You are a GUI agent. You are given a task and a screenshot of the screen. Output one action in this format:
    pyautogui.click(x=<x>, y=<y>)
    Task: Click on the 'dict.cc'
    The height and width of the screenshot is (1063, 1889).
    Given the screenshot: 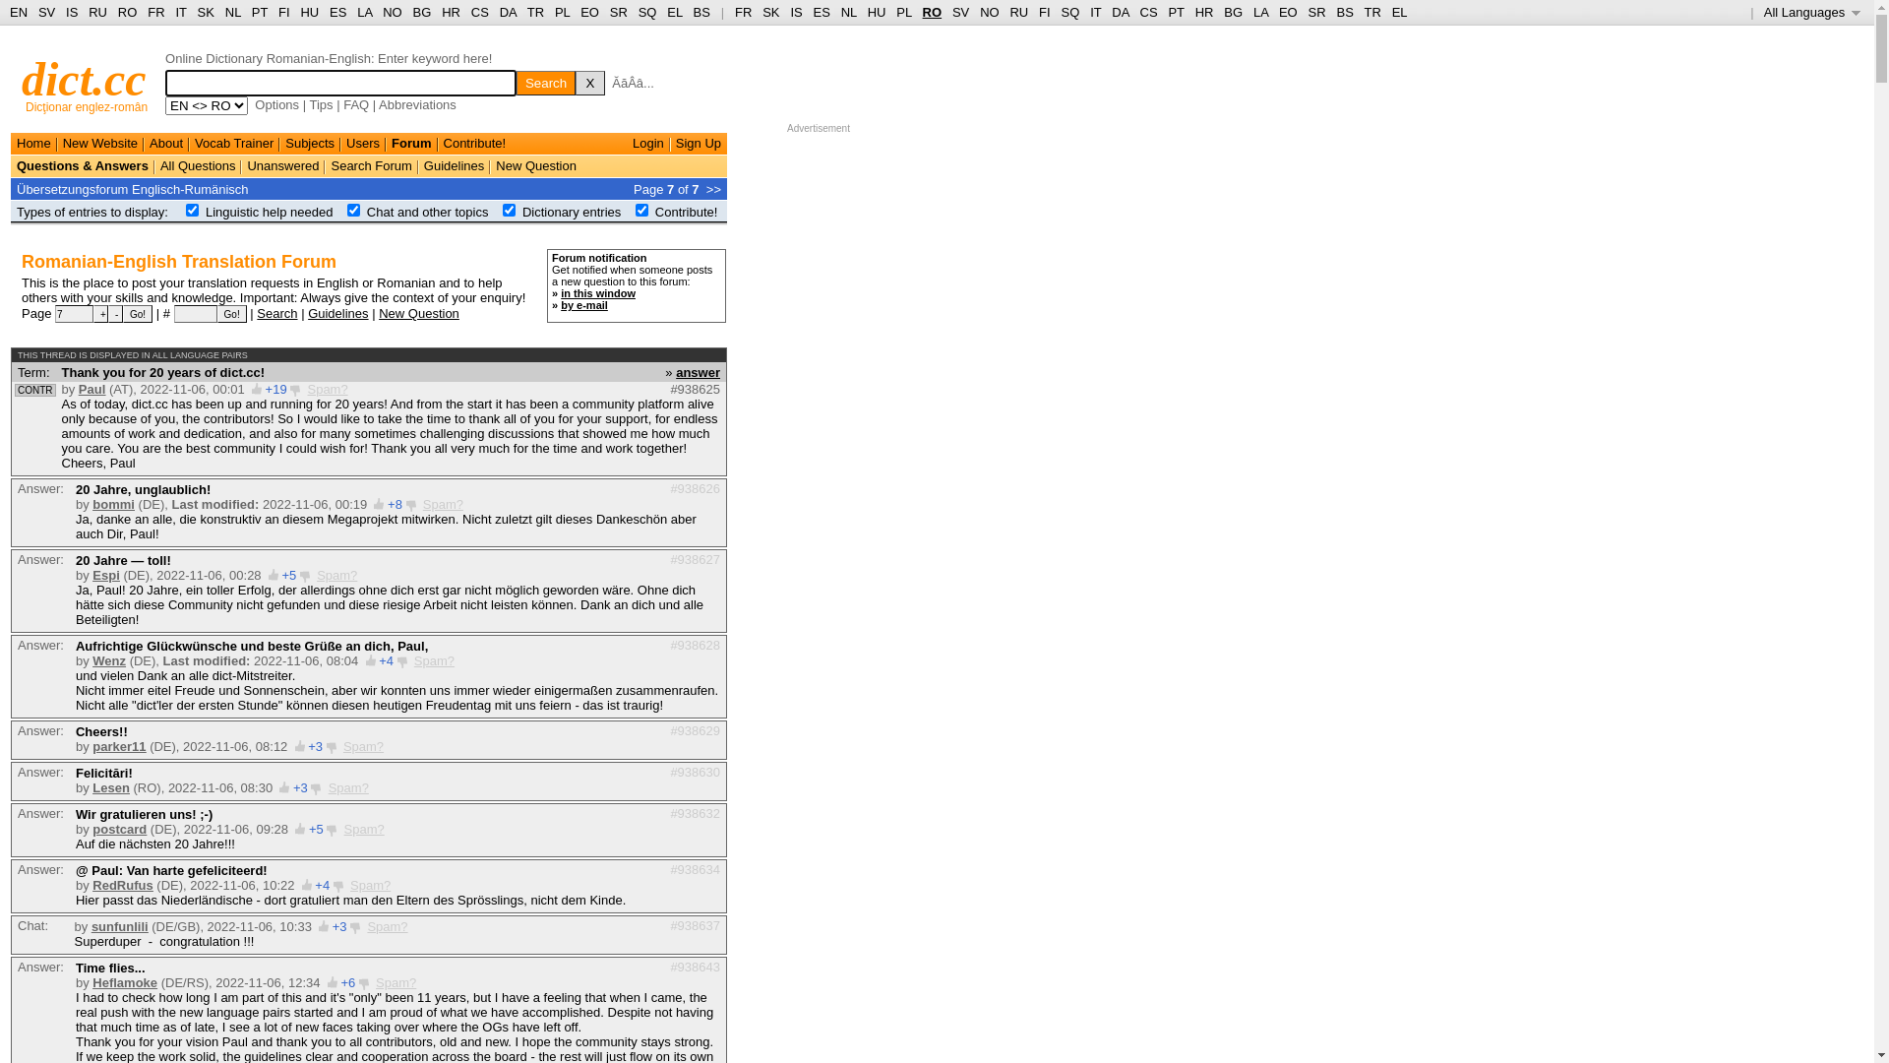 What is the action you would take?
    pyautogui.click(x=83, y=78)
    